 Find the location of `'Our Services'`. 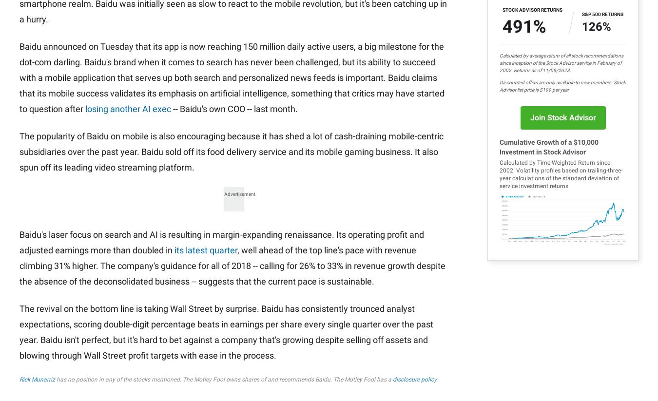

'Our Services' is located at coordinates (304, 44).